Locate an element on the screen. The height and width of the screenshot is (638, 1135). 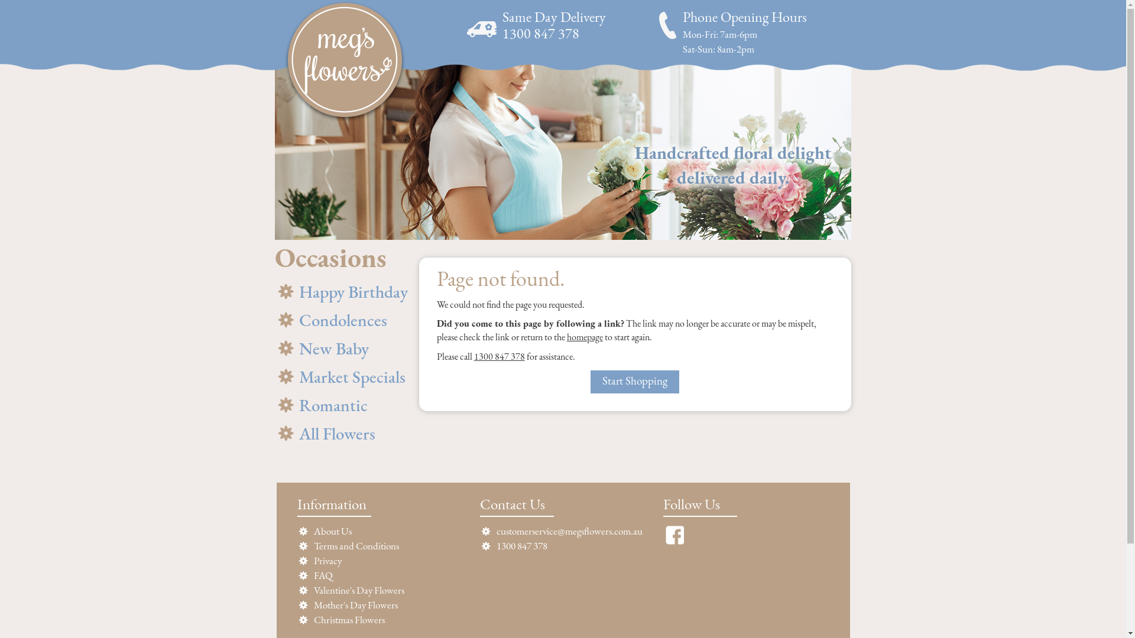
'Mother's Day Flowers' is located at coordinates (354, 606).